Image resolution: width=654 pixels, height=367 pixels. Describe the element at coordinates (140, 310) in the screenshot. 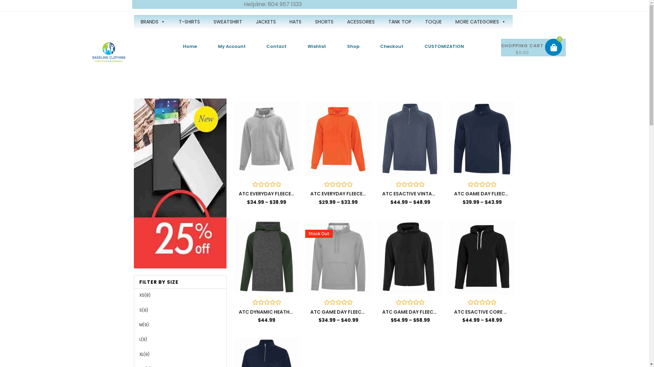

I see `'S'` at that location.